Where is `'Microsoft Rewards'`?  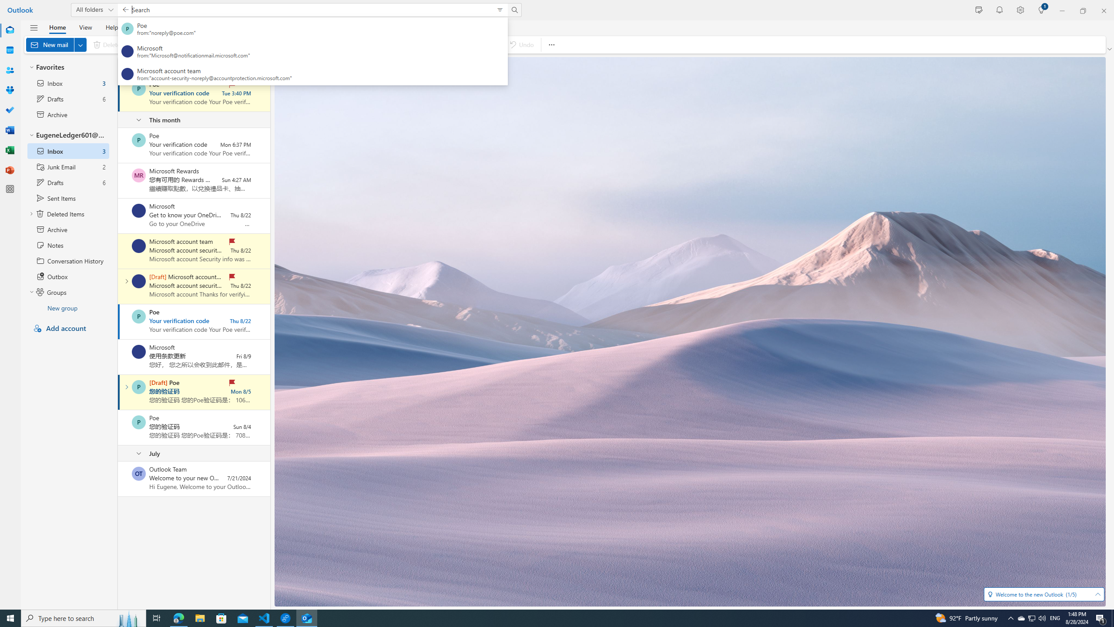
'Microsoft Rewards' is located at coordinates (138, 175).